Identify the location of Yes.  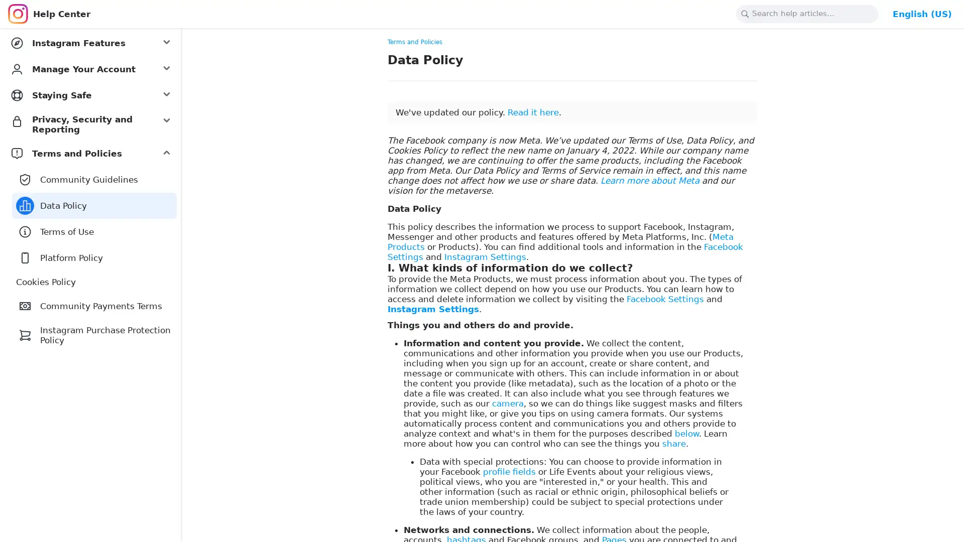
(812, 493).